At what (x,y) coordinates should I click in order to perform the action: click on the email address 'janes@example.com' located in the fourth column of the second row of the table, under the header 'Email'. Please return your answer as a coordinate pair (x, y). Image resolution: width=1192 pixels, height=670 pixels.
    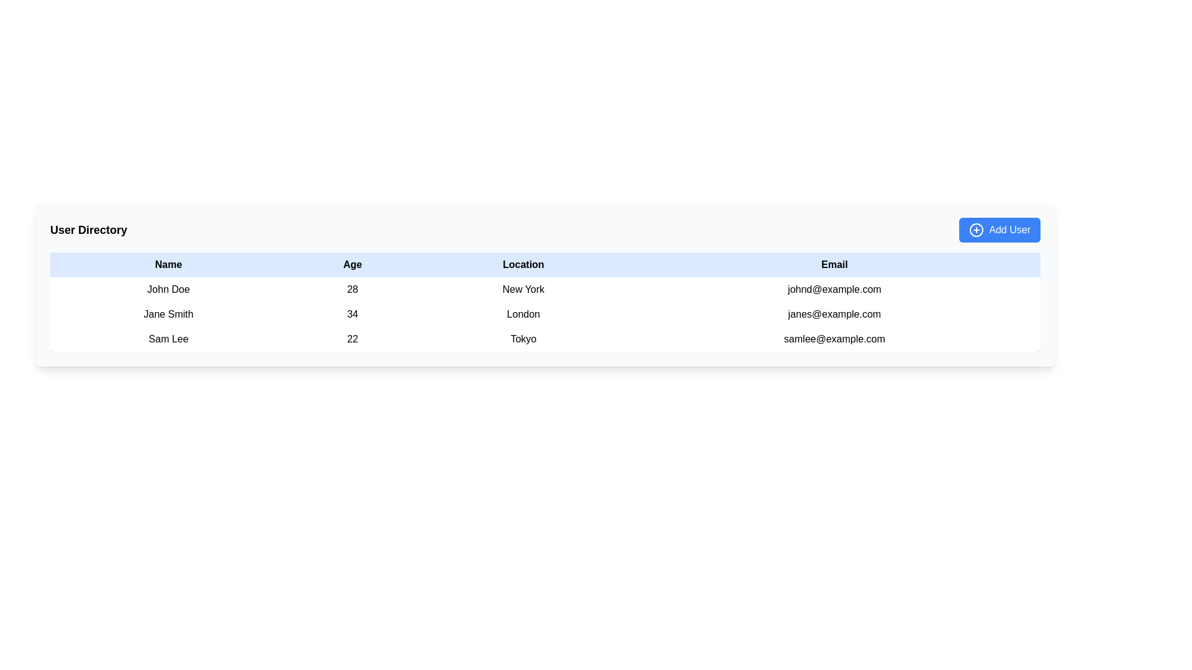
    Looking at the image, I should click on (834, 313).